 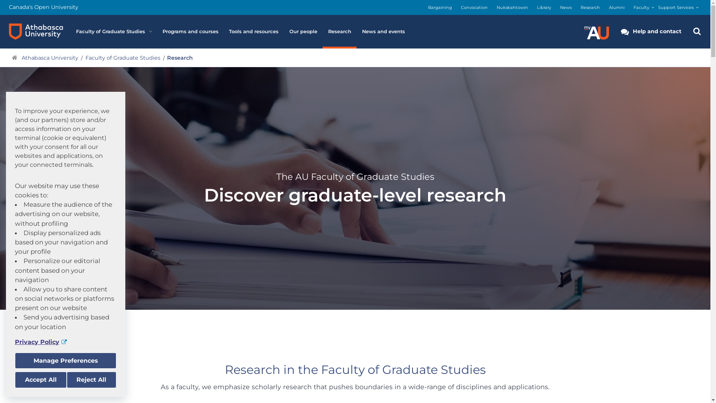 I want to click on 'News', so click(x=566, y=7).